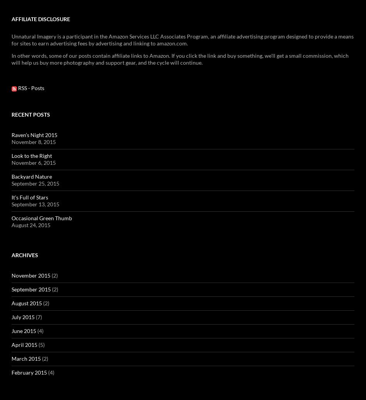 The width and height of the screenshot is (366, 400). Describe the element at coordinates (152, 53) in the screenshot. I see `'sarah'` at that location.